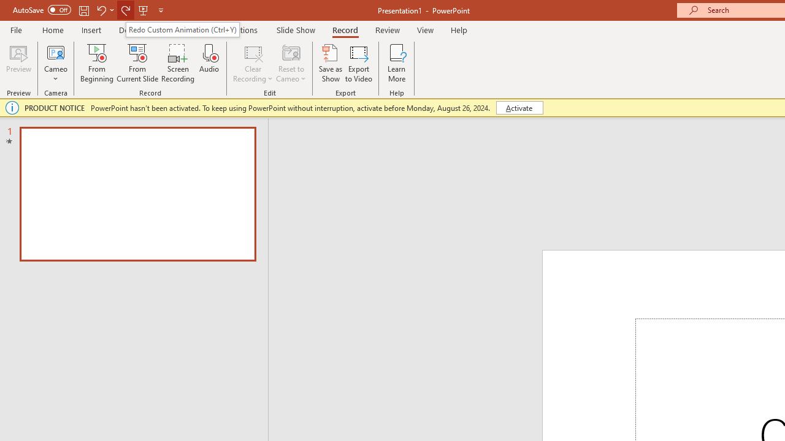  Describe the element at coordinates (519, 107) in the screenshot. I see `'Activate'` at that location.